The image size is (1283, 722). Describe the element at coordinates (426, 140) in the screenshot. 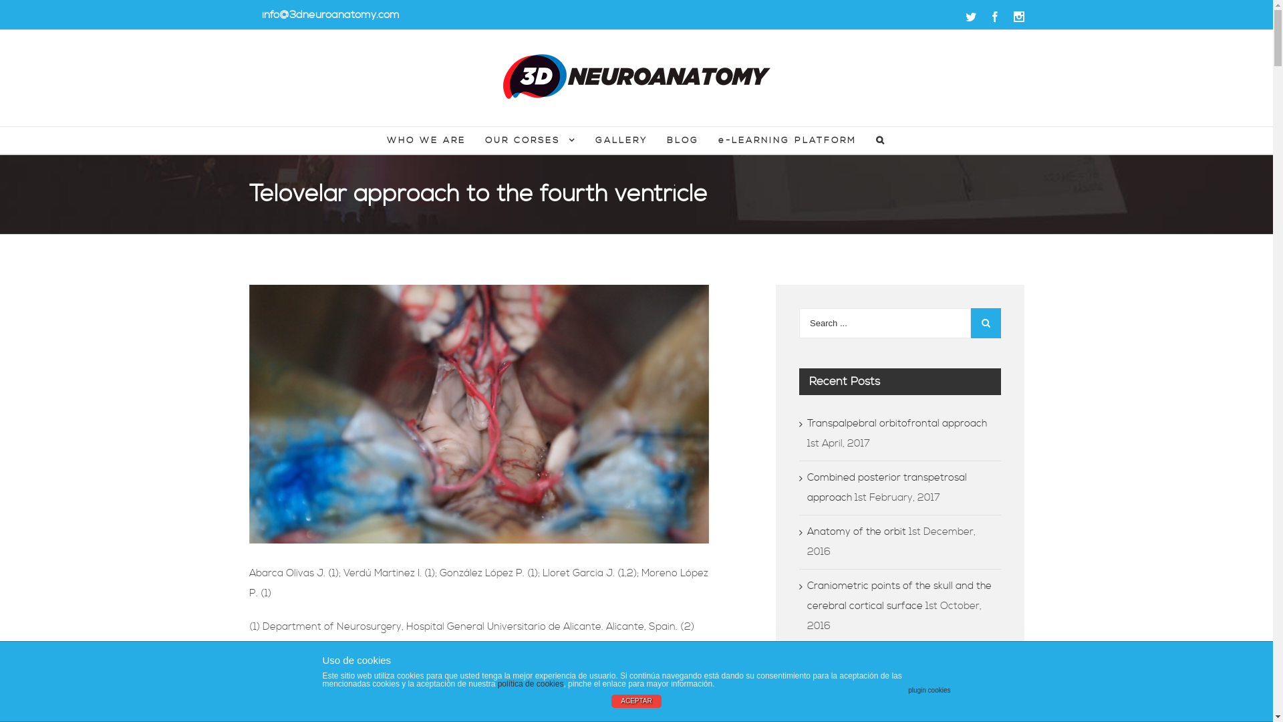

I see `'WHO WE ARE'` at that location.